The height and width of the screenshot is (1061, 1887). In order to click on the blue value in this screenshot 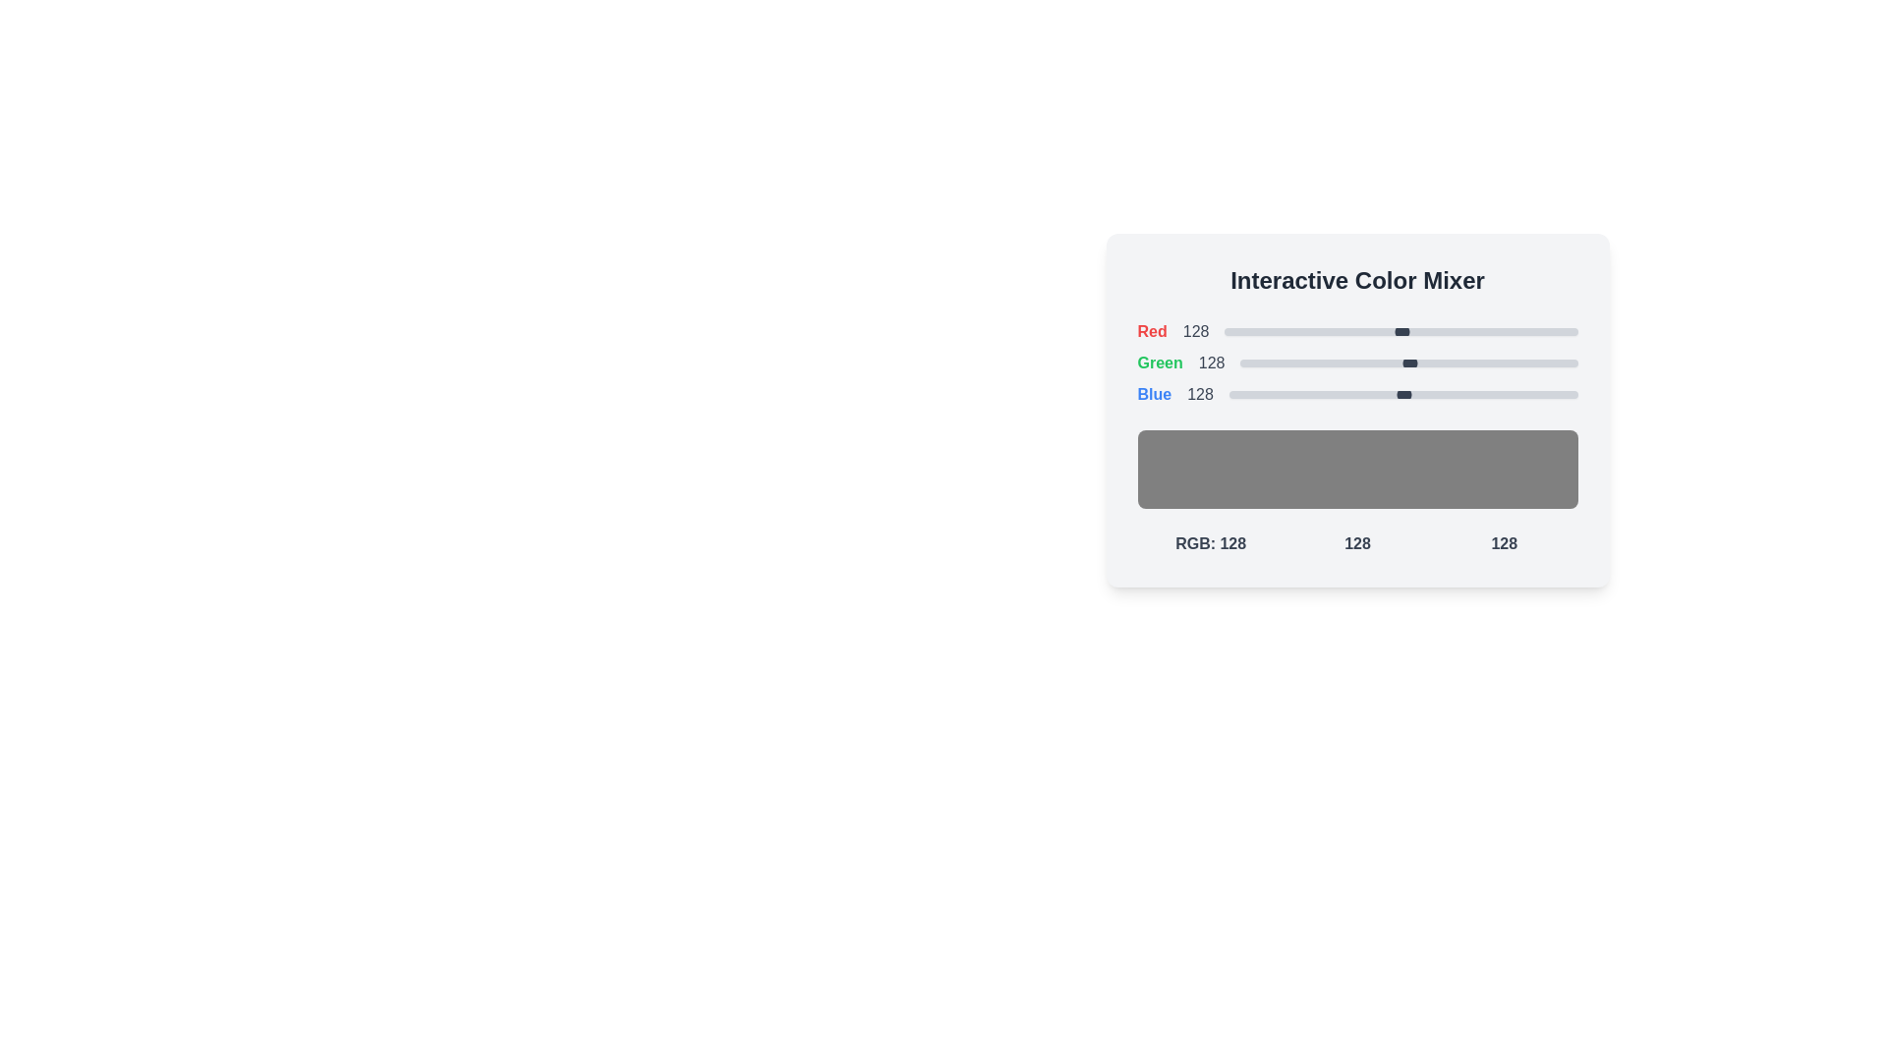, I will do `click(1539, 394)`.